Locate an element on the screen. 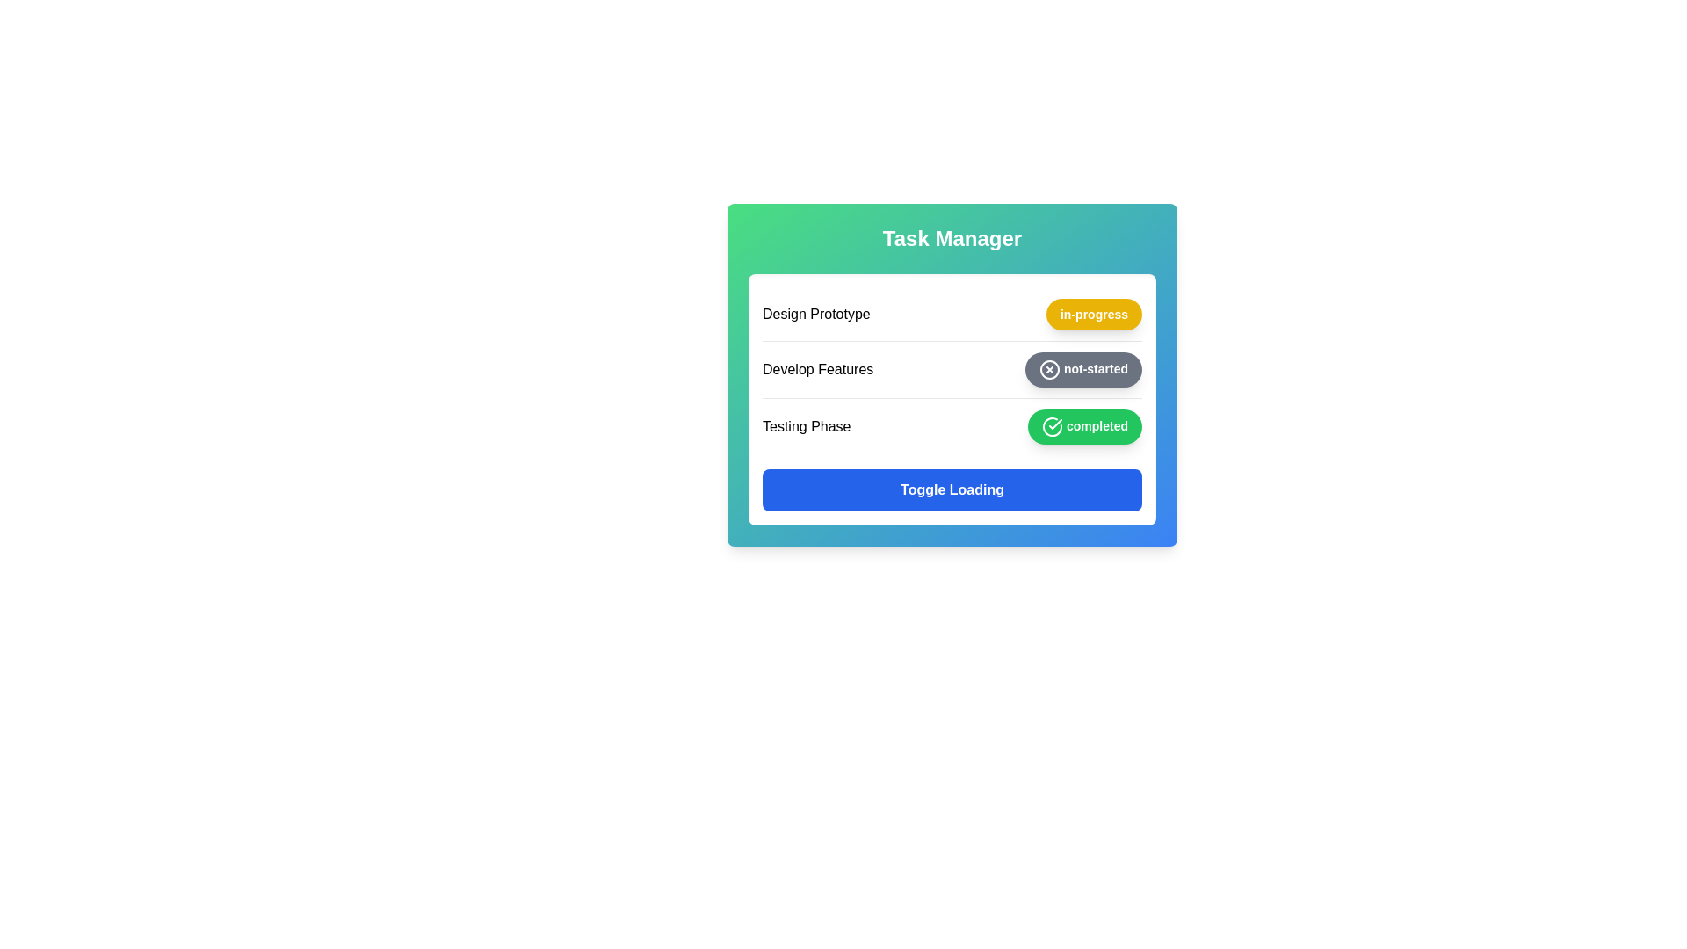  the rounded rectangular button with a yellow background and white text that reads 'in-progress' to trigger hover effects is located at coordinates (1093, 314).